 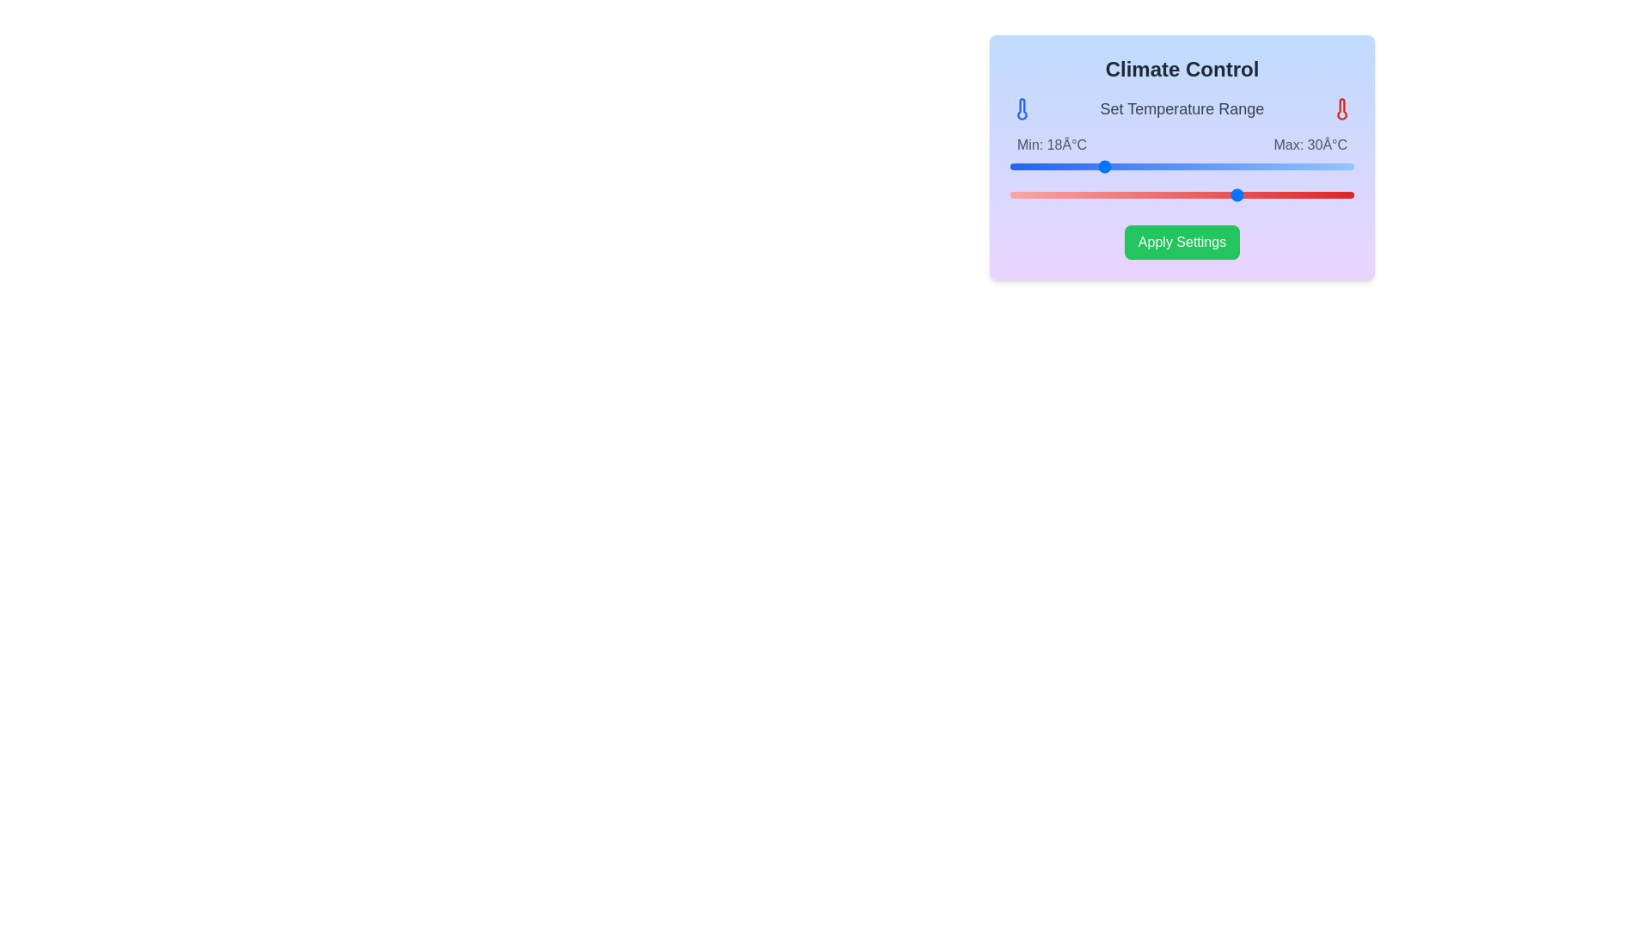 What do you see at coordinates (1136, 166) in the screenshot?
I see `the left slider to set the minimum temperature to 21°C` at bounding box center [1136, 166].